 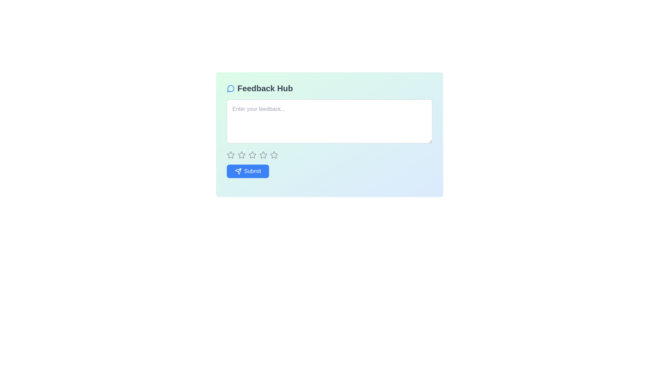 What do you see at coordinates (252, 155) in the screenshot?
I see `the second star icon in the five-star rating system` at bounding box center [252, 155].